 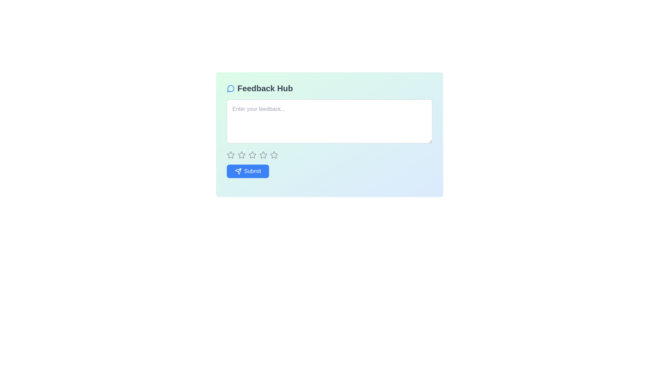 What do you see at coordinates (252, 155) in the screenshot?
I see `the second star icon in the five-star rating system` at bounding box center [252, 155].